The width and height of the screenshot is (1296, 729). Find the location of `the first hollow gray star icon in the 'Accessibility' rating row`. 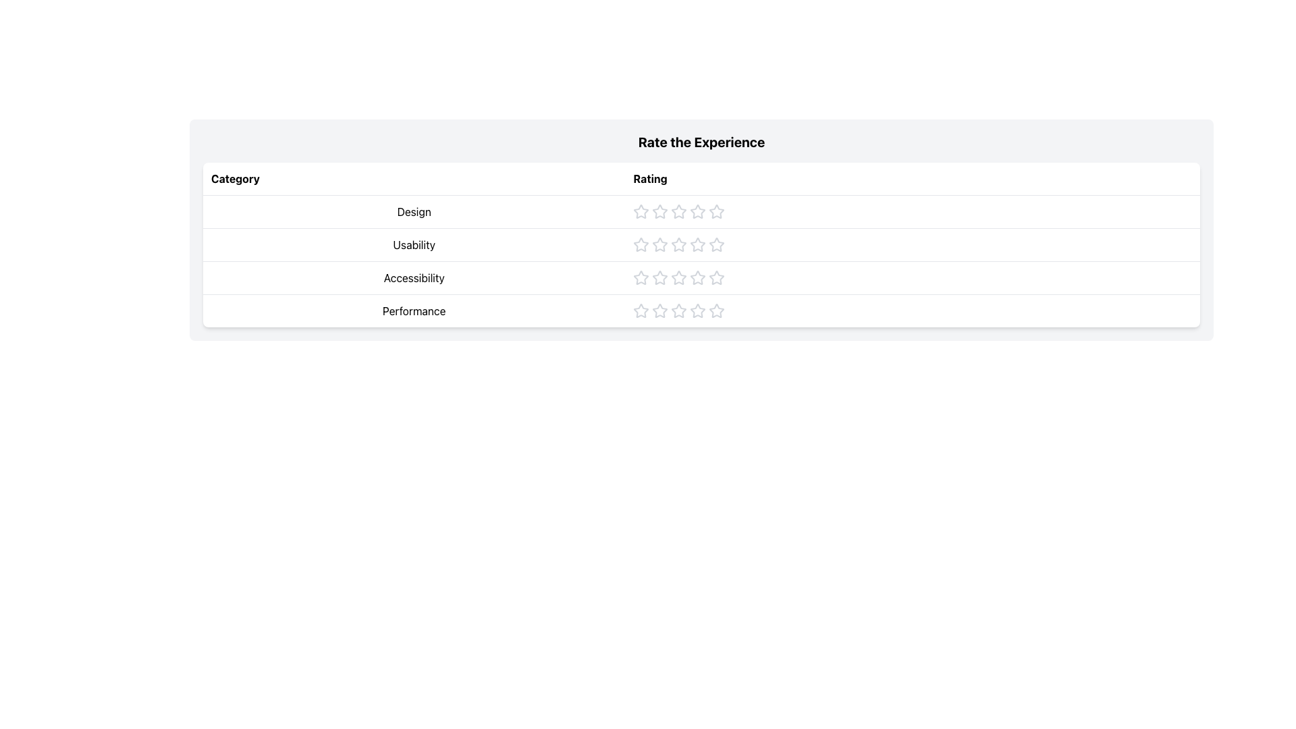

the first hollow gray star icon in the 'Accessibility' rating row is located at coordinates (641, 277).